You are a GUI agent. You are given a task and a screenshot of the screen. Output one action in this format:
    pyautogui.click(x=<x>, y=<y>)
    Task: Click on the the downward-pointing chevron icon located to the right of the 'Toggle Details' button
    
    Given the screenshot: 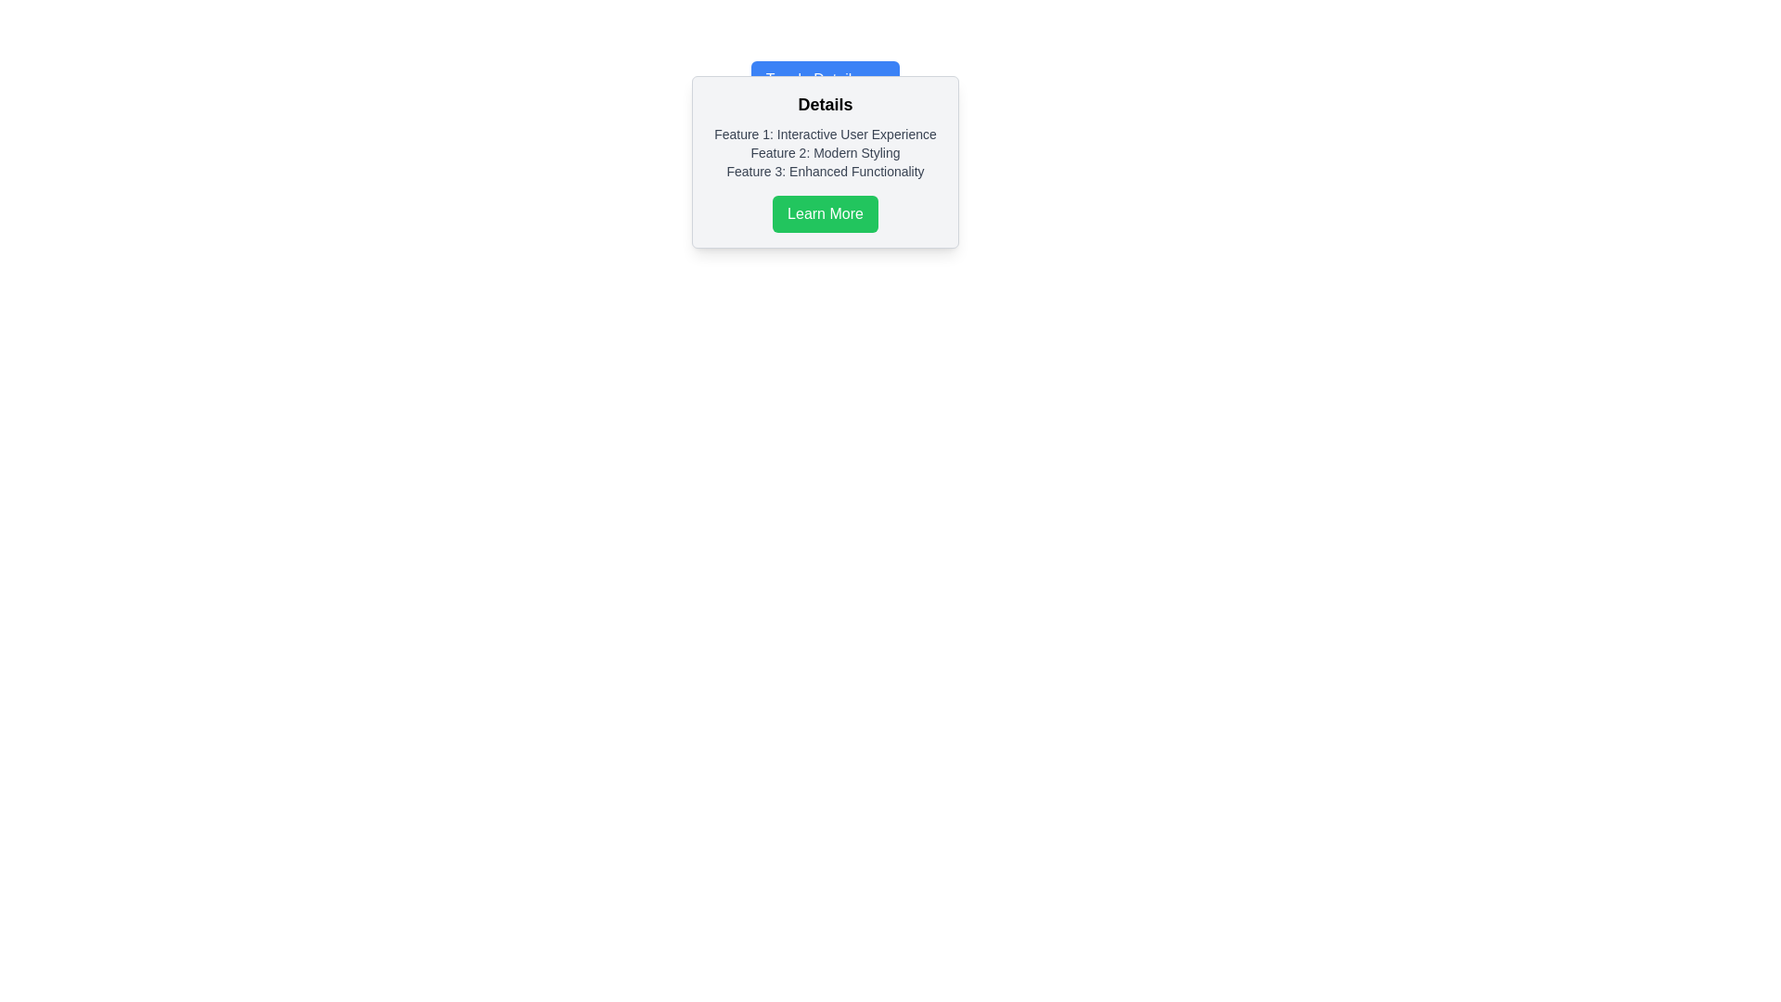 What is the action you would take?
    pyautogui.click(x=875, y=78)
    